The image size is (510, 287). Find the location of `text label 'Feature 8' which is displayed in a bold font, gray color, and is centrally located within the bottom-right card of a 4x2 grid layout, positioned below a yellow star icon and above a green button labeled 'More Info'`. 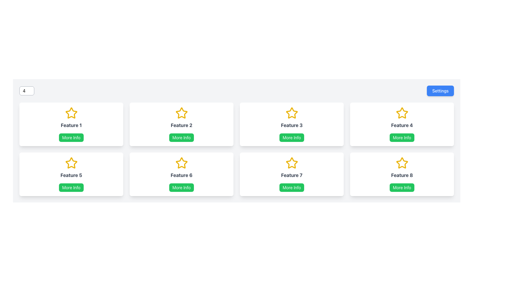

text label 'Feature 8' which is displayed in a bold font, gray color, and is centrally located within the bottom-right card of a 4x2 grid layout, positioned below a yellow star icon and above a green button labeled 'More Info' is located at coordinates (402, 175).